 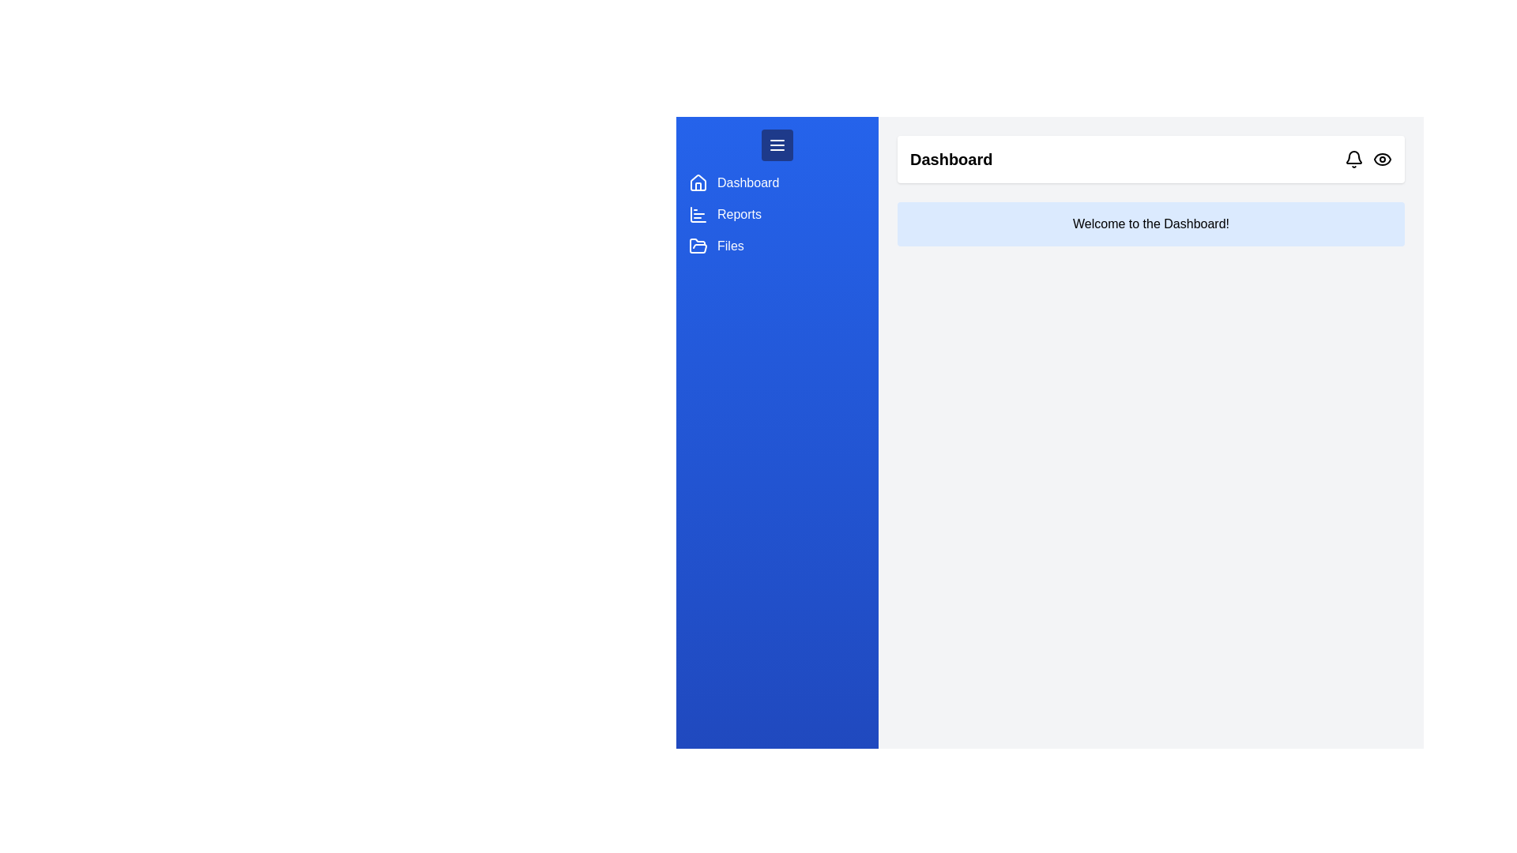 What do you see at coordinates (777, 145) in the screenshot?
I see `the button at the top of the vertical sidebar menu to change its background color to light blue` at bounding box center [777, 145].